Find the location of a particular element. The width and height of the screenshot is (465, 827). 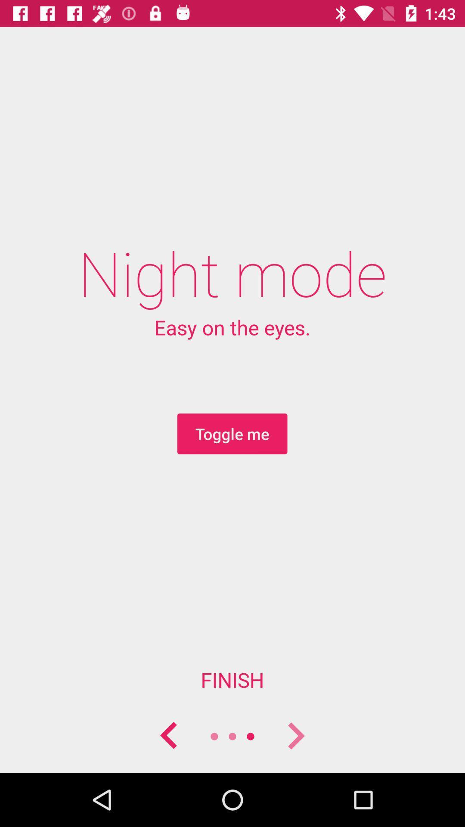

icon above the finish item is located at coordinates (232, 434).